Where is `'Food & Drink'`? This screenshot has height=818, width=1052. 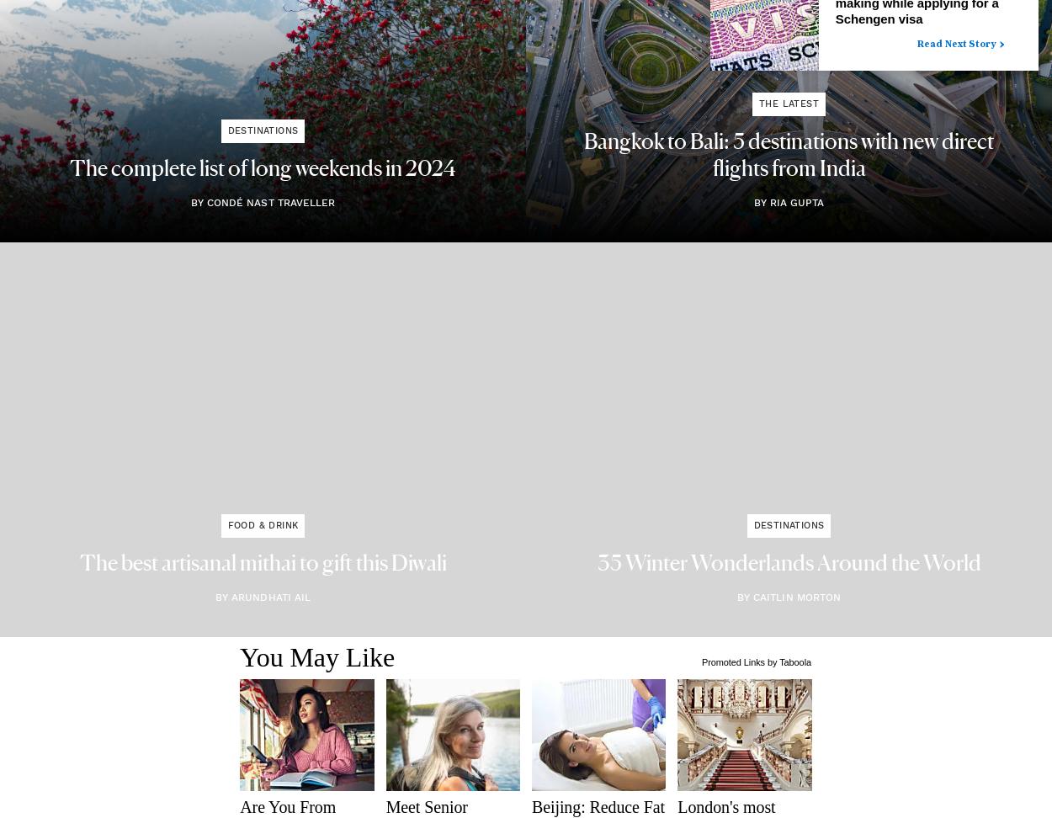
'Food & Drink' is located at coordinates (263, 525).